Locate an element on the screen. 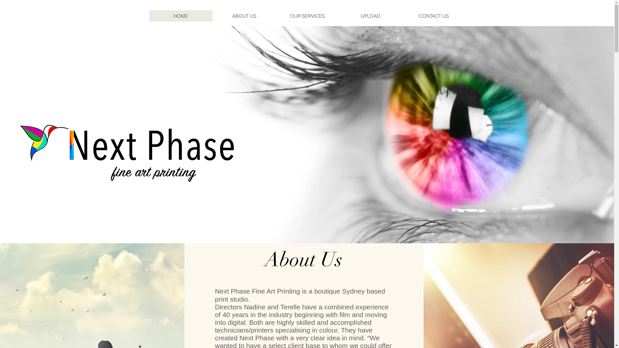 This screenshot has height=348, width=619. 'HOME' is located at coordinates (181, 15).